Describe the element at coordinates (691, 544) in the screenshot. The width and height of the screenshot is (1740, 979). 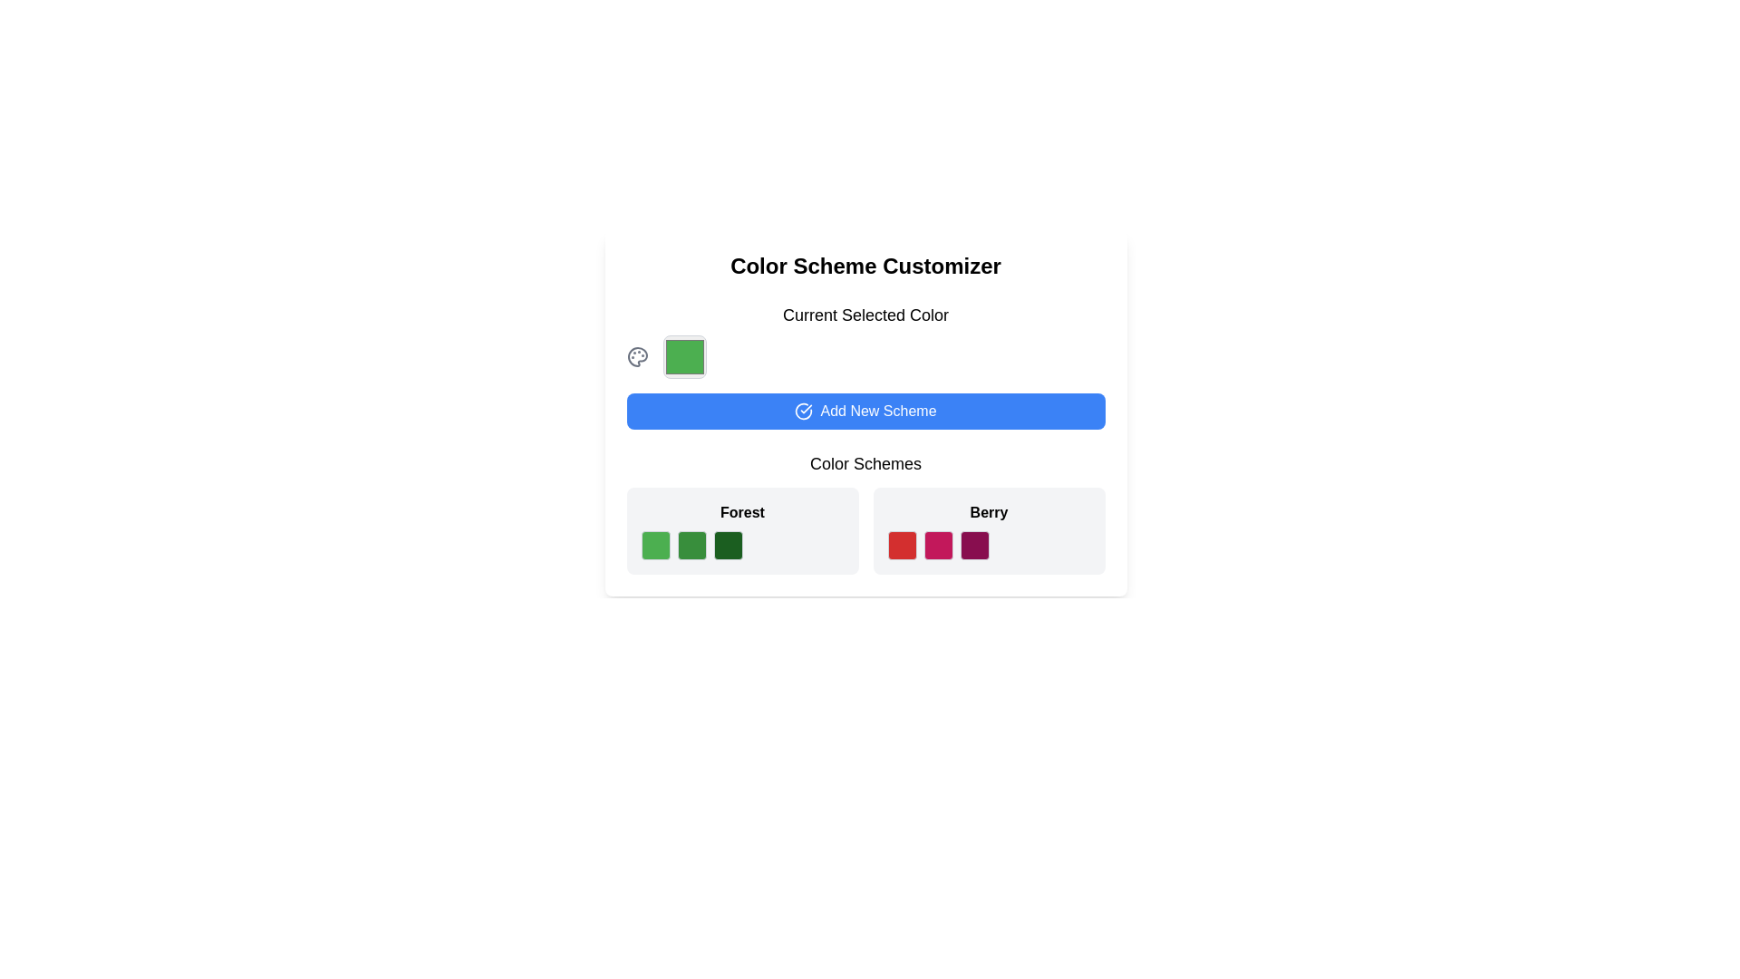
I see `the second green color selection block in the 'Forest' section` at that location.